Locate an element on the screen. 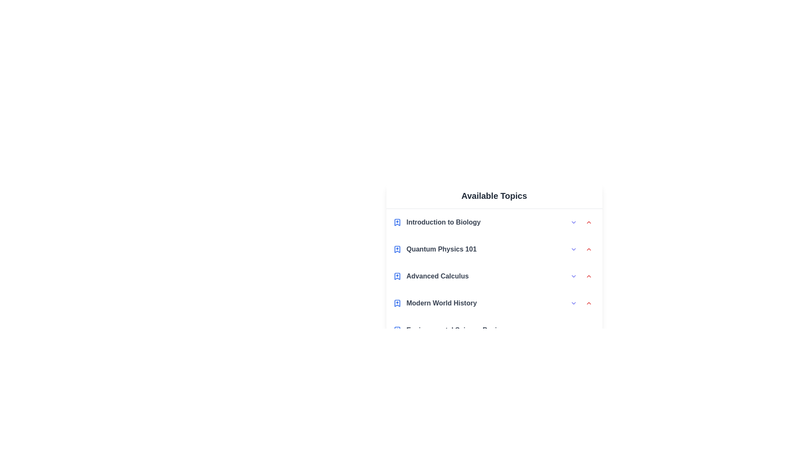 This screenshot has width=810, height=455. the header text 'Available Topics' is located at coordinates (494, 196).